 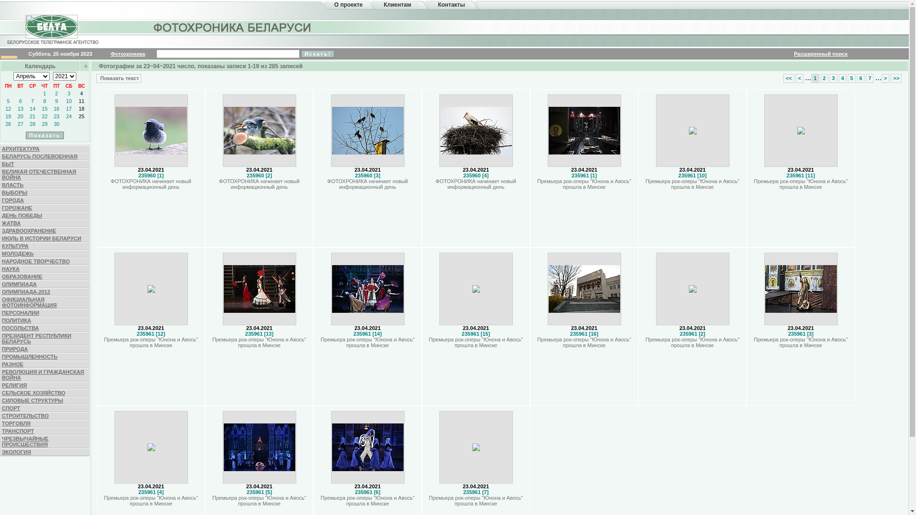 I want to click on '16', so click(x=56, y=108).